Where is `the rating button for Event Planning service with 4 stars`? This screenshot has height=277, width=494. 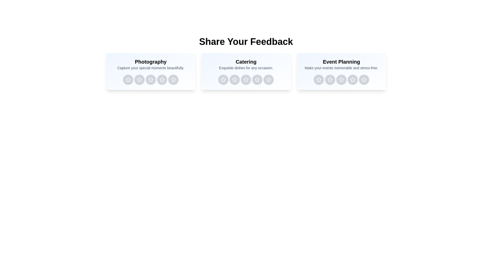 the rating button for Event Planning service with 4 stars is located at coordinates (352, 80).